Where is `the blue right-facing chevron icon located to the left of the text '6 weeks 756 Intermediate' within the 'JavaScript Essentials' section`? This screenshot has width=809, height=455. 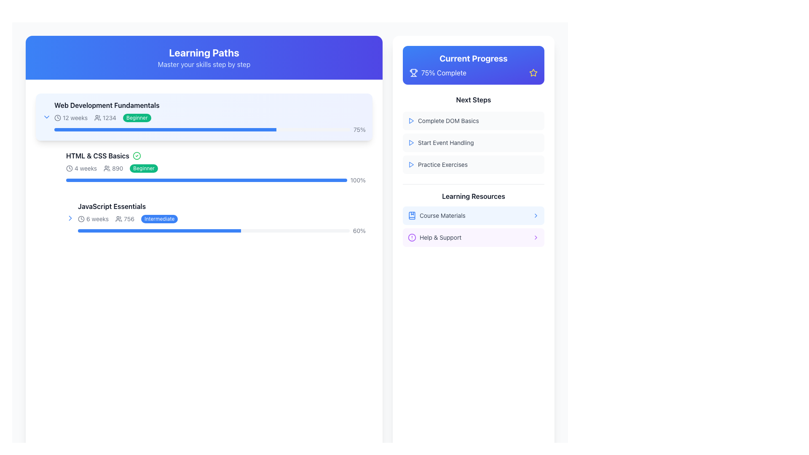
the blue right-facing chevron icon located to the left of the text '6 weeks 756 Intermediate' within the 'JavaScript Essentials' section is located at coordinates (70, 217).